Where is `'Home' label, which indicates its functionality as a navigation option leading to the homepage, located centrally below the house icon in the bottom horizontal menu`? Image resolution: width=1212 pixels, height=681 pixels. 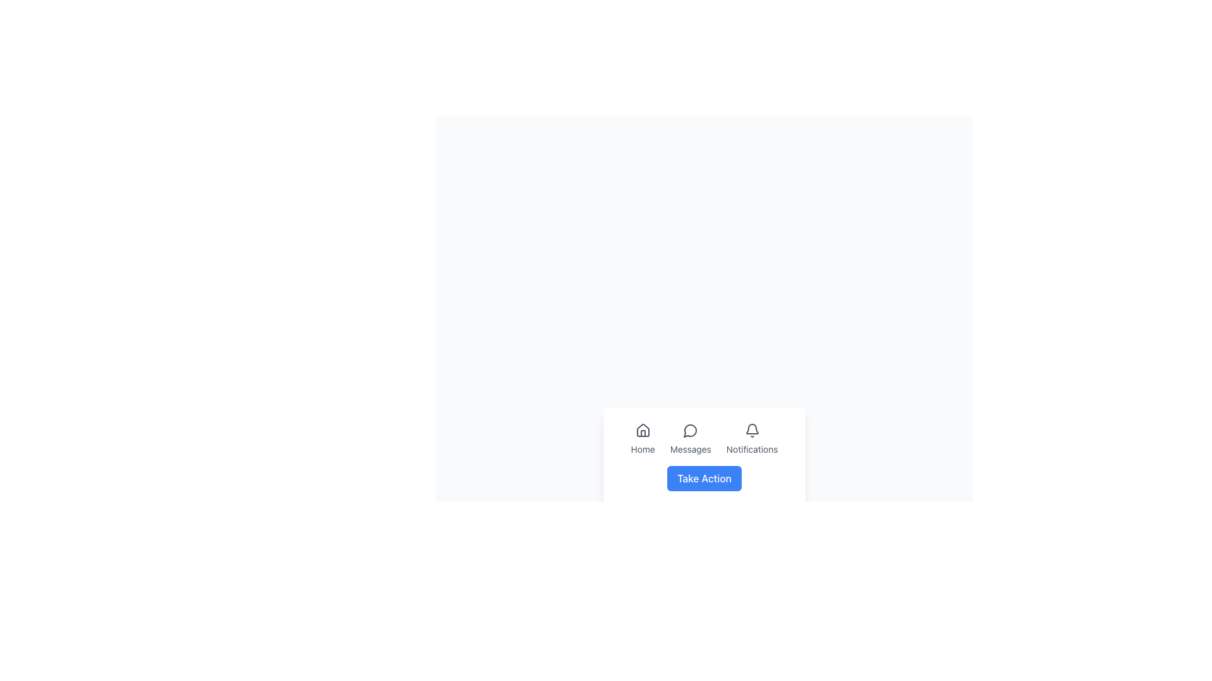
'Home' label, which indicates its functionality as a navigation option leading to the homepage, located centrally below the house icon in the bottom horizontal menu is located at coordinates (643, 449).